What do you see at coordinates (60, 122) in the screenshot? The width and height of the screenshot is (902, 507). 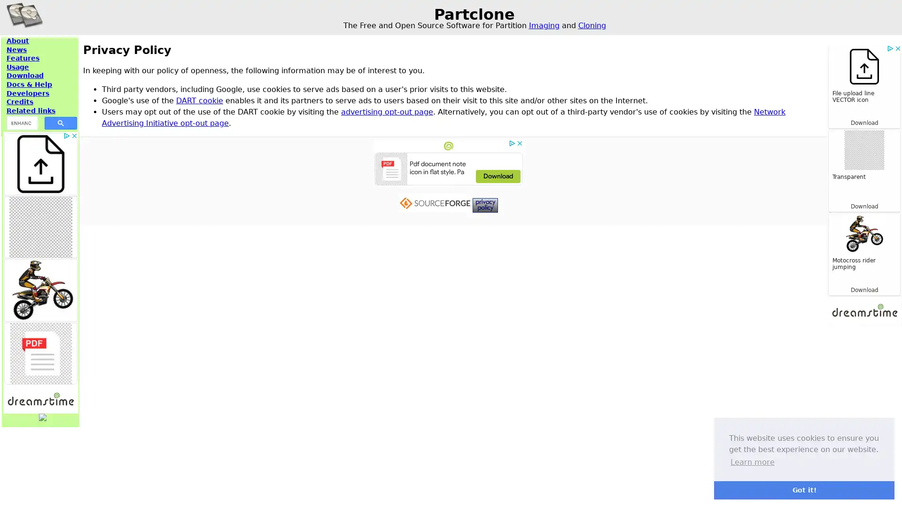 I see `search` at bounding box center [60, 122].